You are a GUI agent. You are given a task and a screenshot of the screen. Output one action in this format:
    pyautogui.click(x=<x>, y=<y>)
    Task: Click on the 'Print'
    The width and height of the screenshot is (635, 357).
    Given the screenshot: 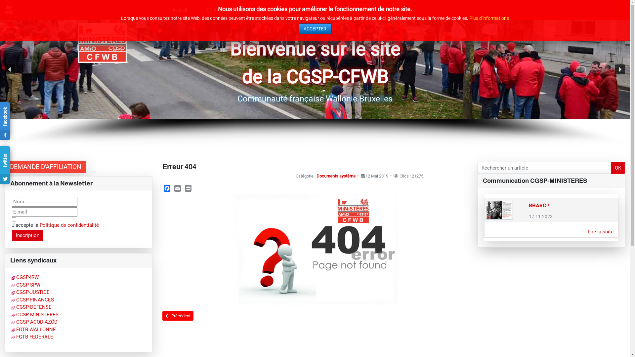 What is the action you would take?
    pyautogui.click(x=188, y=188)
    